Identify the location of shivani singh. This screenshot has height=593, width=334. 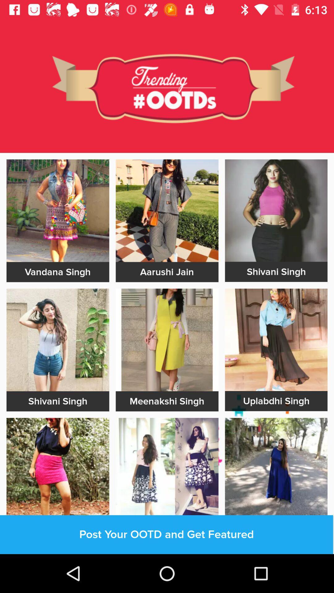
(276, 272).